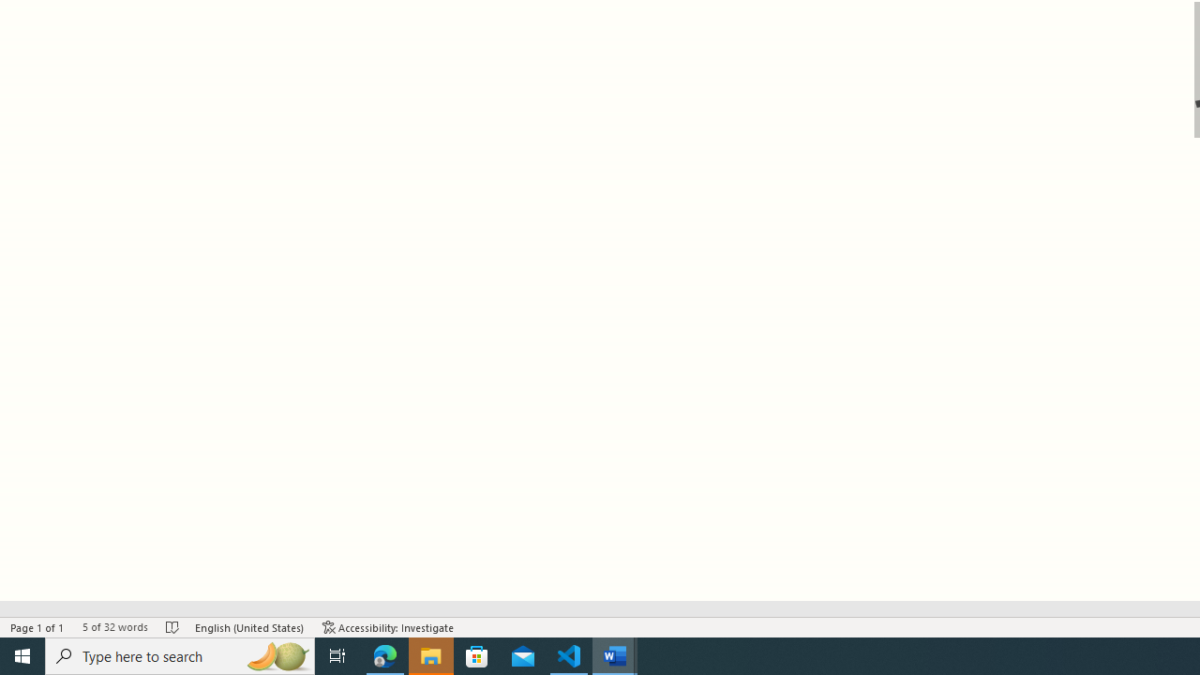 This screenshot has width=1200, height=675. What do you see at coordinates (248, 627) in the screenshot?
I see `'Language English (United States)'` at bounding box center [248, 627].